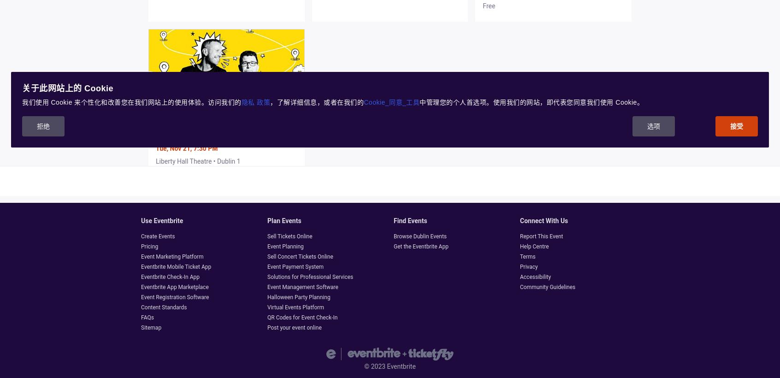 The image size is (780, 378). What do you see at coordinates (544, 220) in the screenshot?
I see `'Connect with us'` at bounding box center [544, 220].